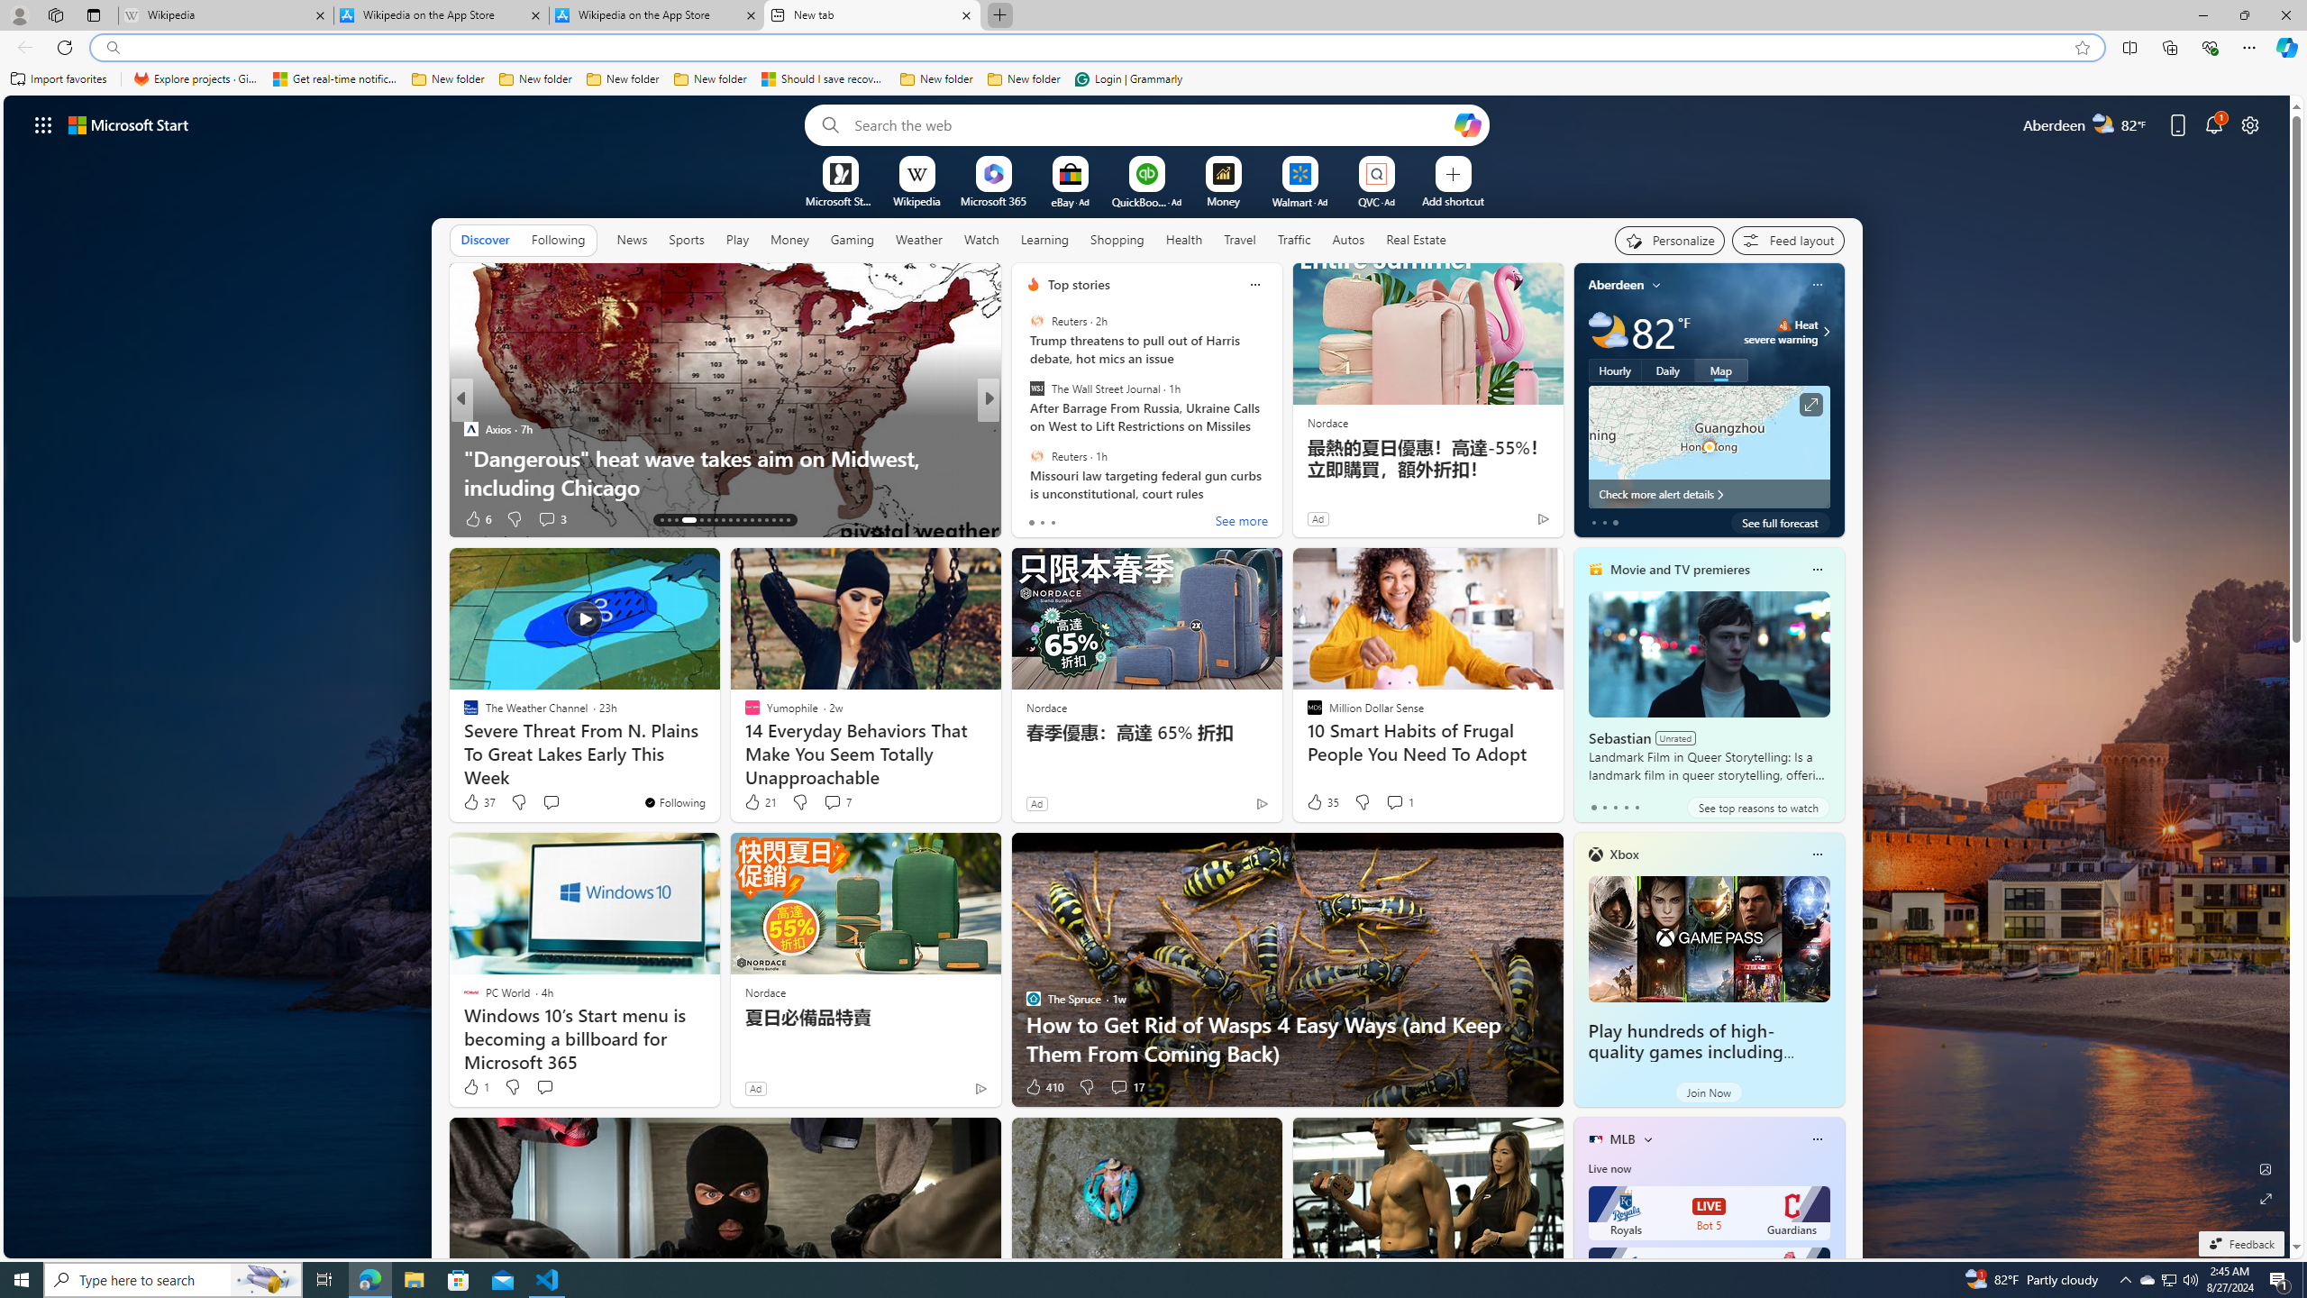 The image size is (2307, 1298). What do you see at coordinates (1278, 472) in the screenshot?
I see `'Everything You Should Know to Permanently Block a Website'` at bounding box center [1278, 472].